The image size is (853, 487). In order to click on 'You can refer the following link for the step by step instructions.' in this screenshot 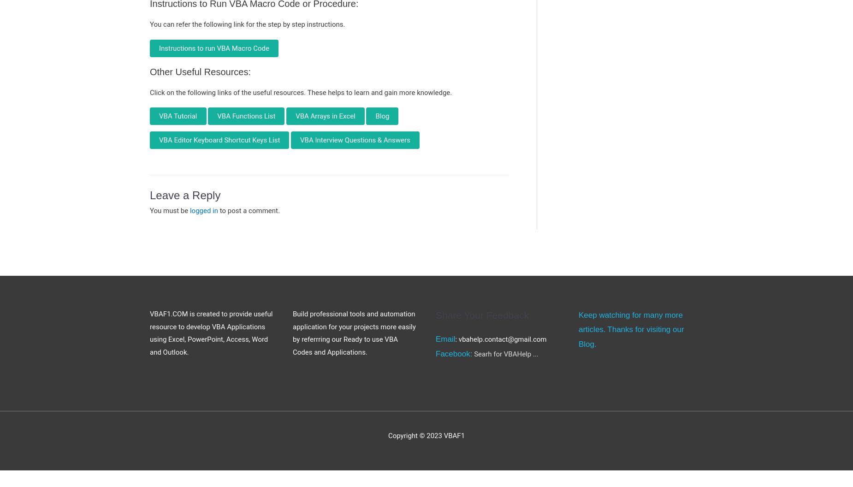, I will do `click(149, 24)`.